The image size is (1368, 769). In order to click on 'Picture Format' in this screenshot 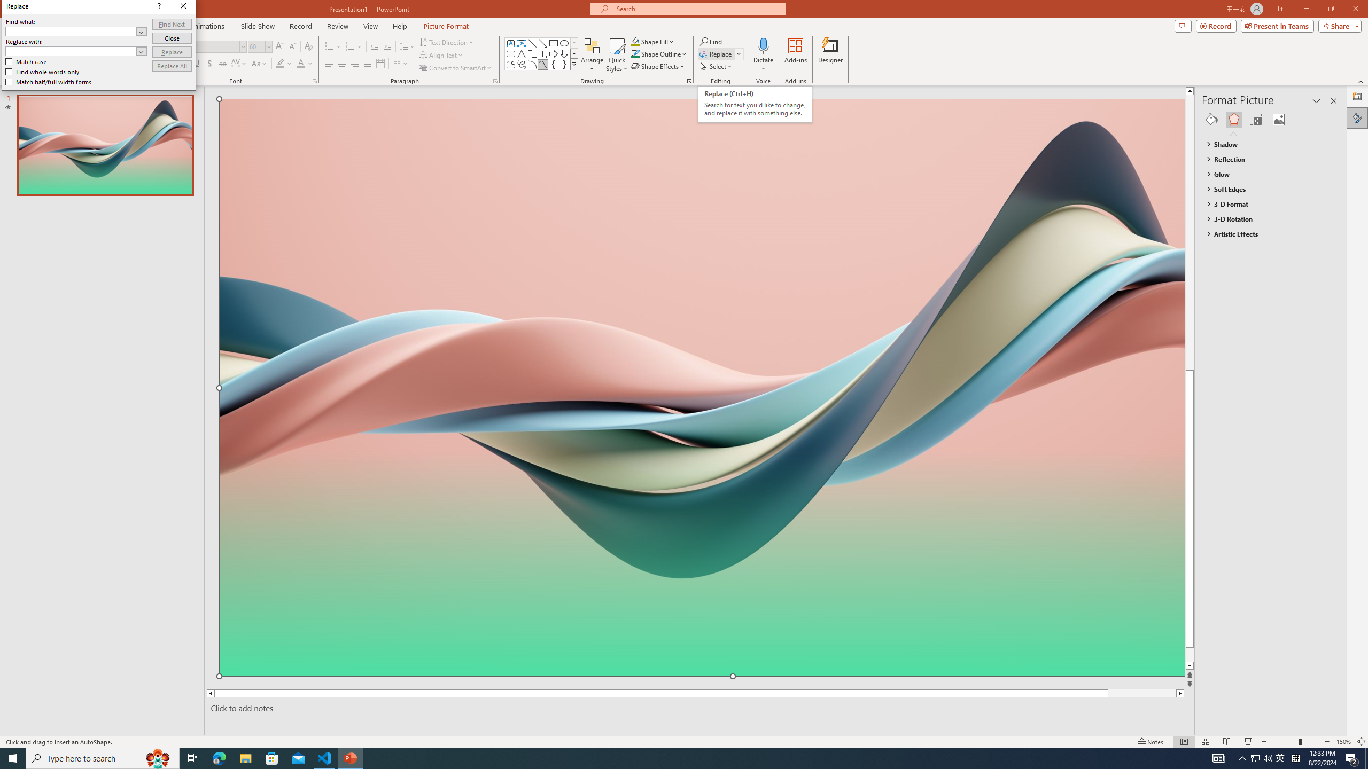, I will do `click(446, 26)`.